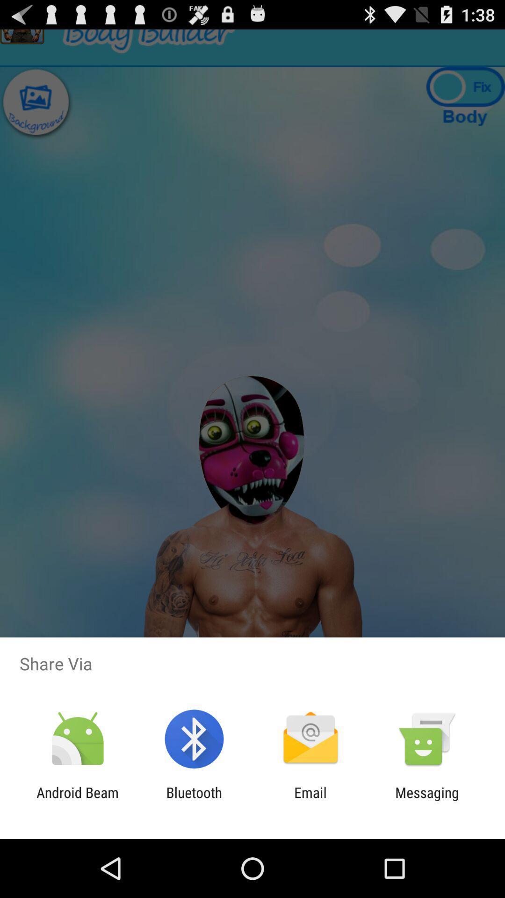  Describe the element at coordinates (310, 800) in the screenshot. I see `the icon next to bluetooth app` at that location.